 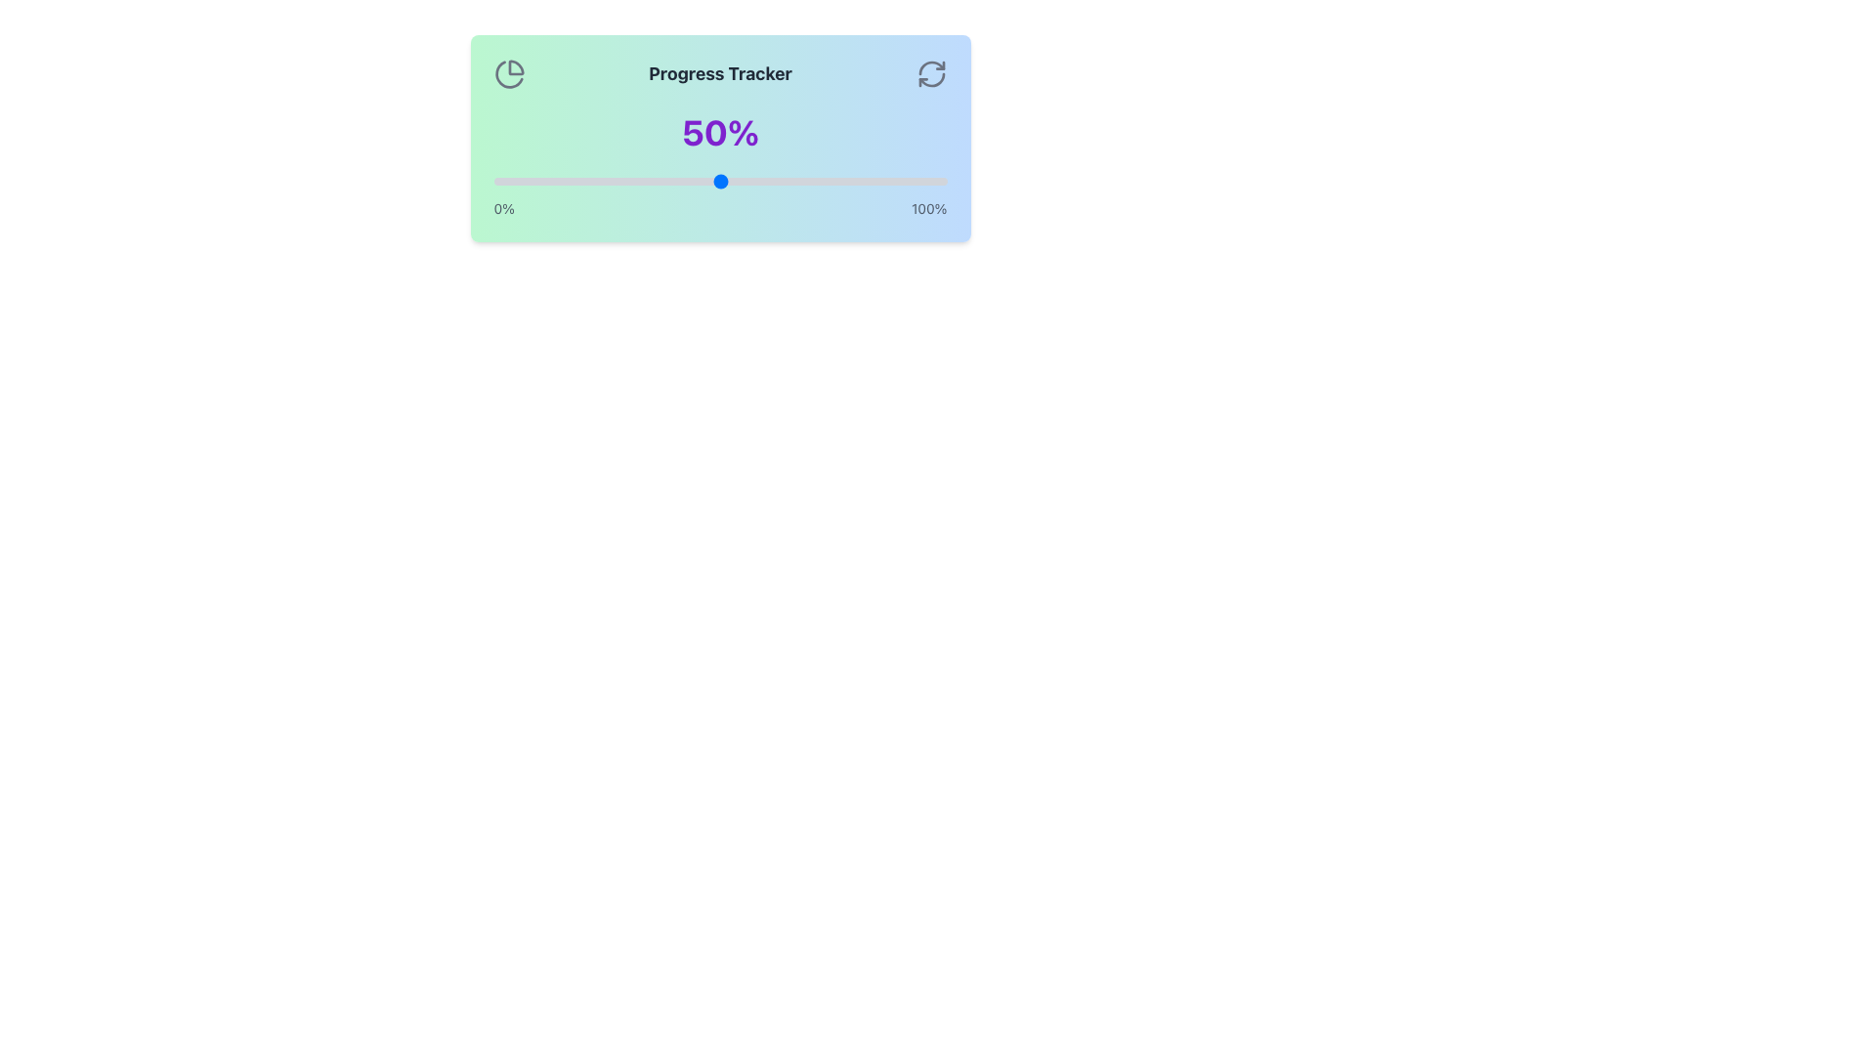 What do you see at coordinates (547, 181) in the screenshot?
I see `the progress tracker value` at bounding box center [547, 181].